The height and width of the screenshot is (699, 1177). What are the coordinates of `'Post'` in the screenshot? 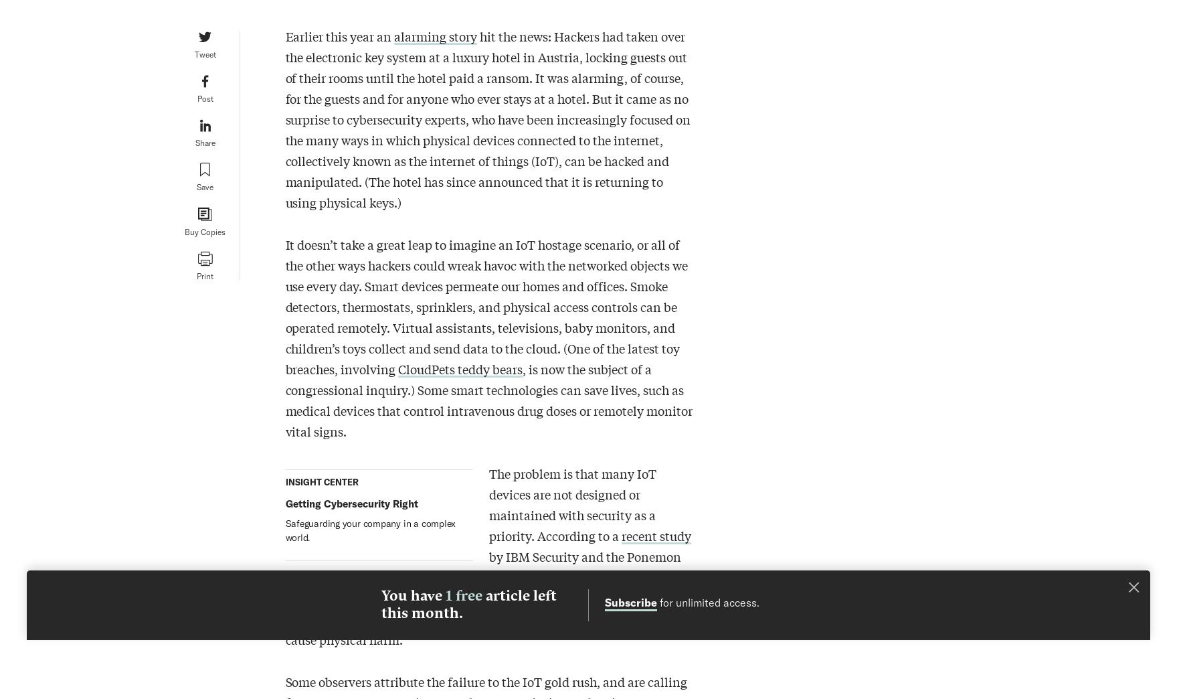 It's located at (204, 98).